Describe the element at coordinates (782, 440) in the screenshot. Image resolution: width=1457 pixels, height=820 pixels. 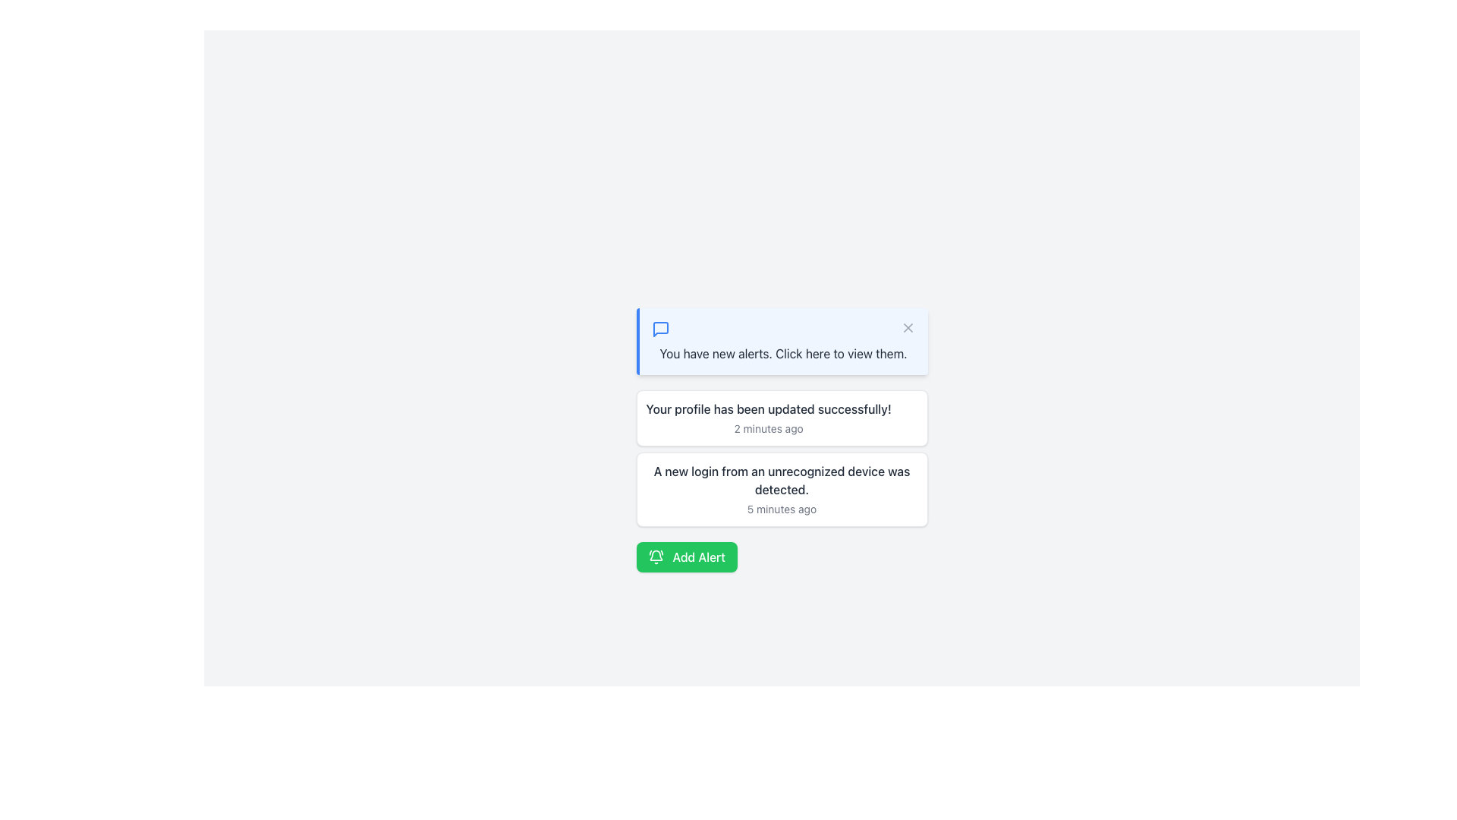
I see `a notification within the Notification Panel, which is a rectangular section with multiple text notifications and an action button at the bottom` at that location.